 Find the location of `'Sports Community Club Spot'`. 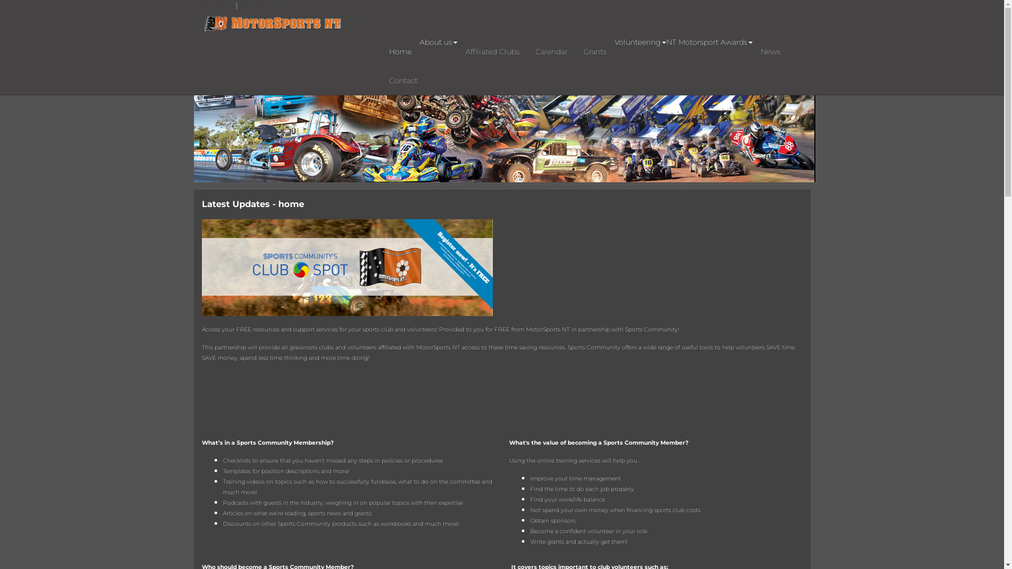

'Sports Community Club Spot' is located at coordinates (346, 266).